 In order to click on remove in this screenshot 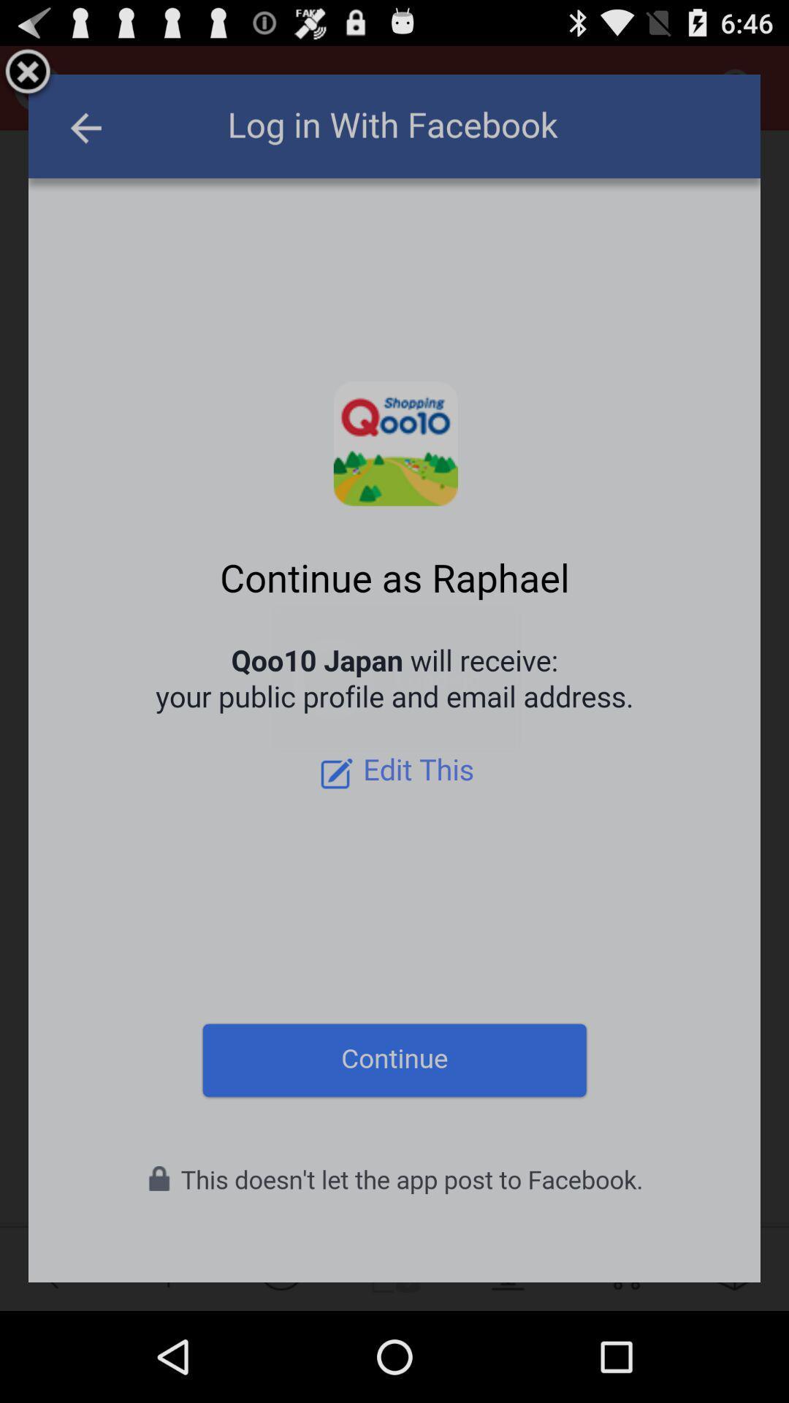, I will do `click(28, 73)`.